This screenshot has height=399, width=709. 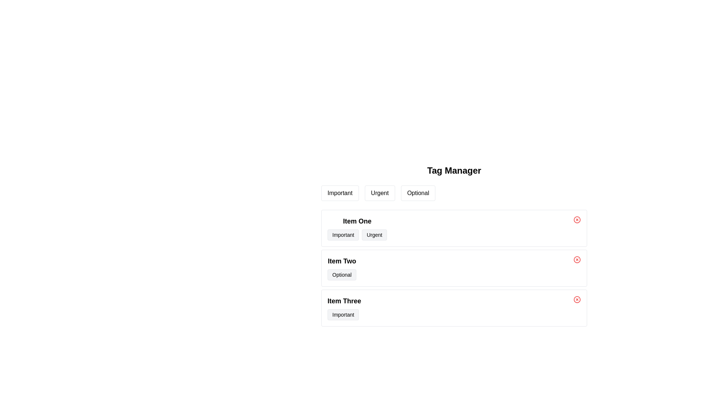 I want to click on the button-like label that categorizes or indicates the state of 'Item Two', so click(x=342, y=275).